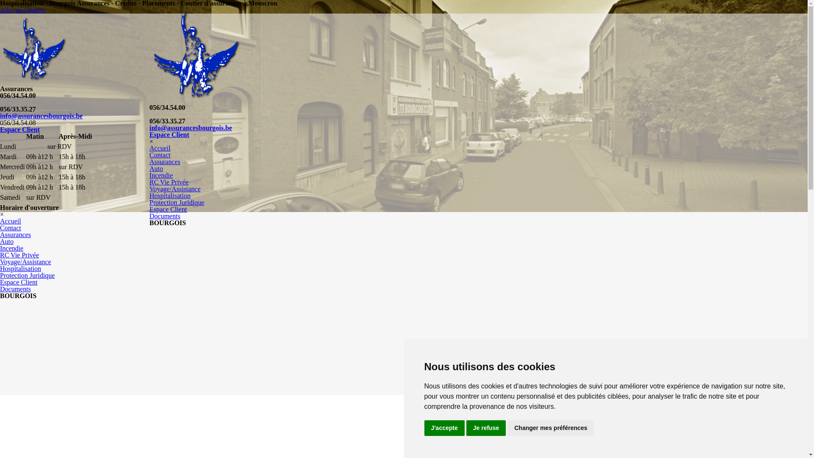 This screenshot has width=814, height=458. I want to click on 'Protection Juridique', so click(149, 202).